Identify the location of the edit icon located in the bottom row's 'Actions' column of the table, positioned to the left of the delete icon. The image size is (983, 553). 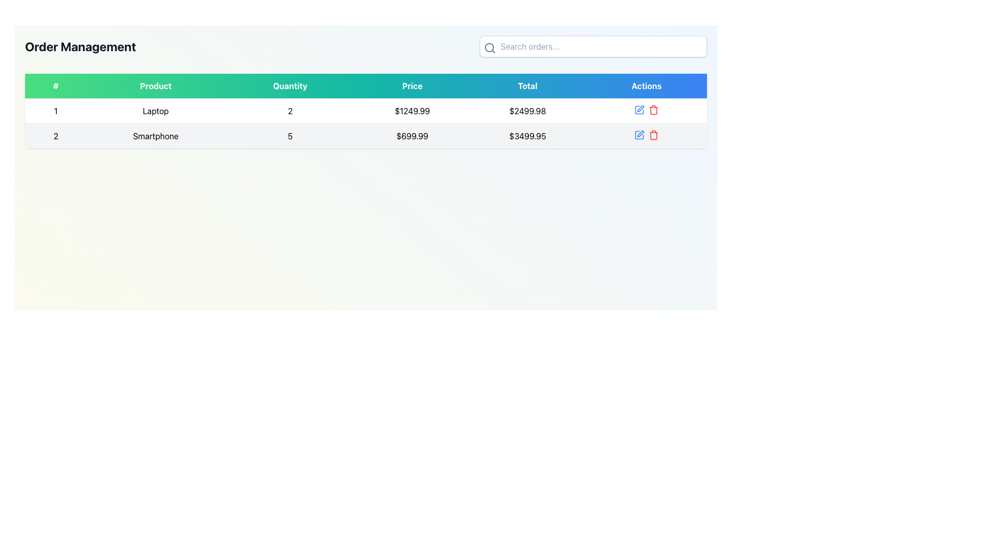
(639, 134).